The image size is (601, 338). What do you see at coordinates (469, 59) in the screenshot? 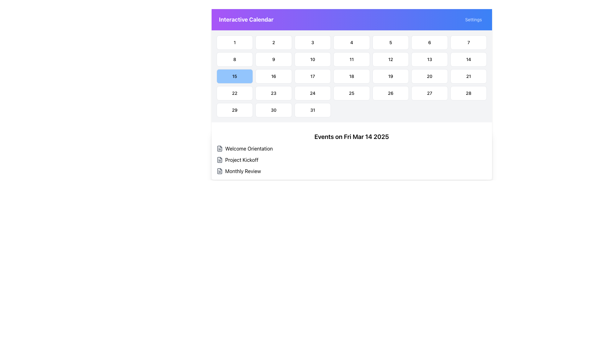
I see `text '14' displayed on the calendar date button located in the second row, seventh column of the calendar grid` at bounding box center [469, 59].